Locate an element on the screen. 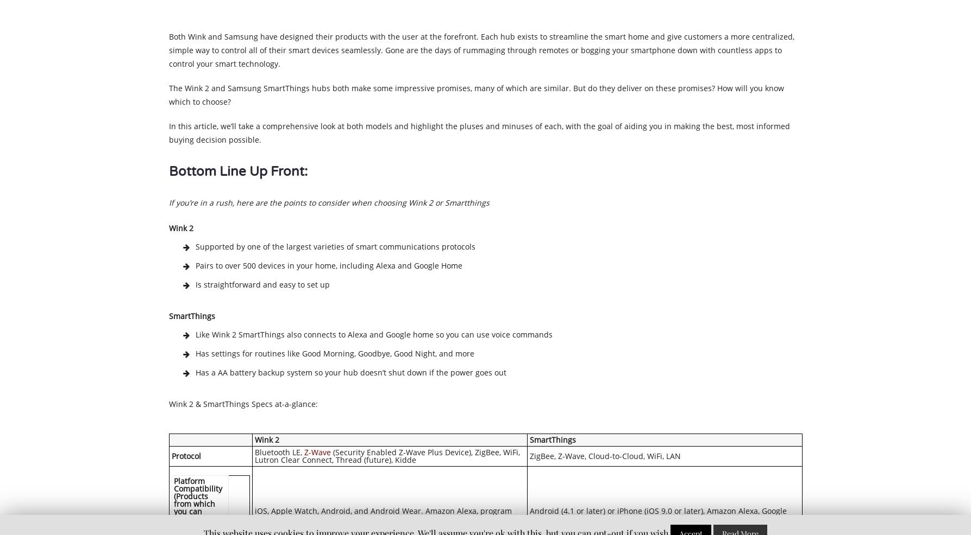  '(Security Enabled Z-Wave Plus Device), ZigBee, WiFi, Lutron Clear Connect, Thread (future), Kidde' is located at coordinates (386, 455).